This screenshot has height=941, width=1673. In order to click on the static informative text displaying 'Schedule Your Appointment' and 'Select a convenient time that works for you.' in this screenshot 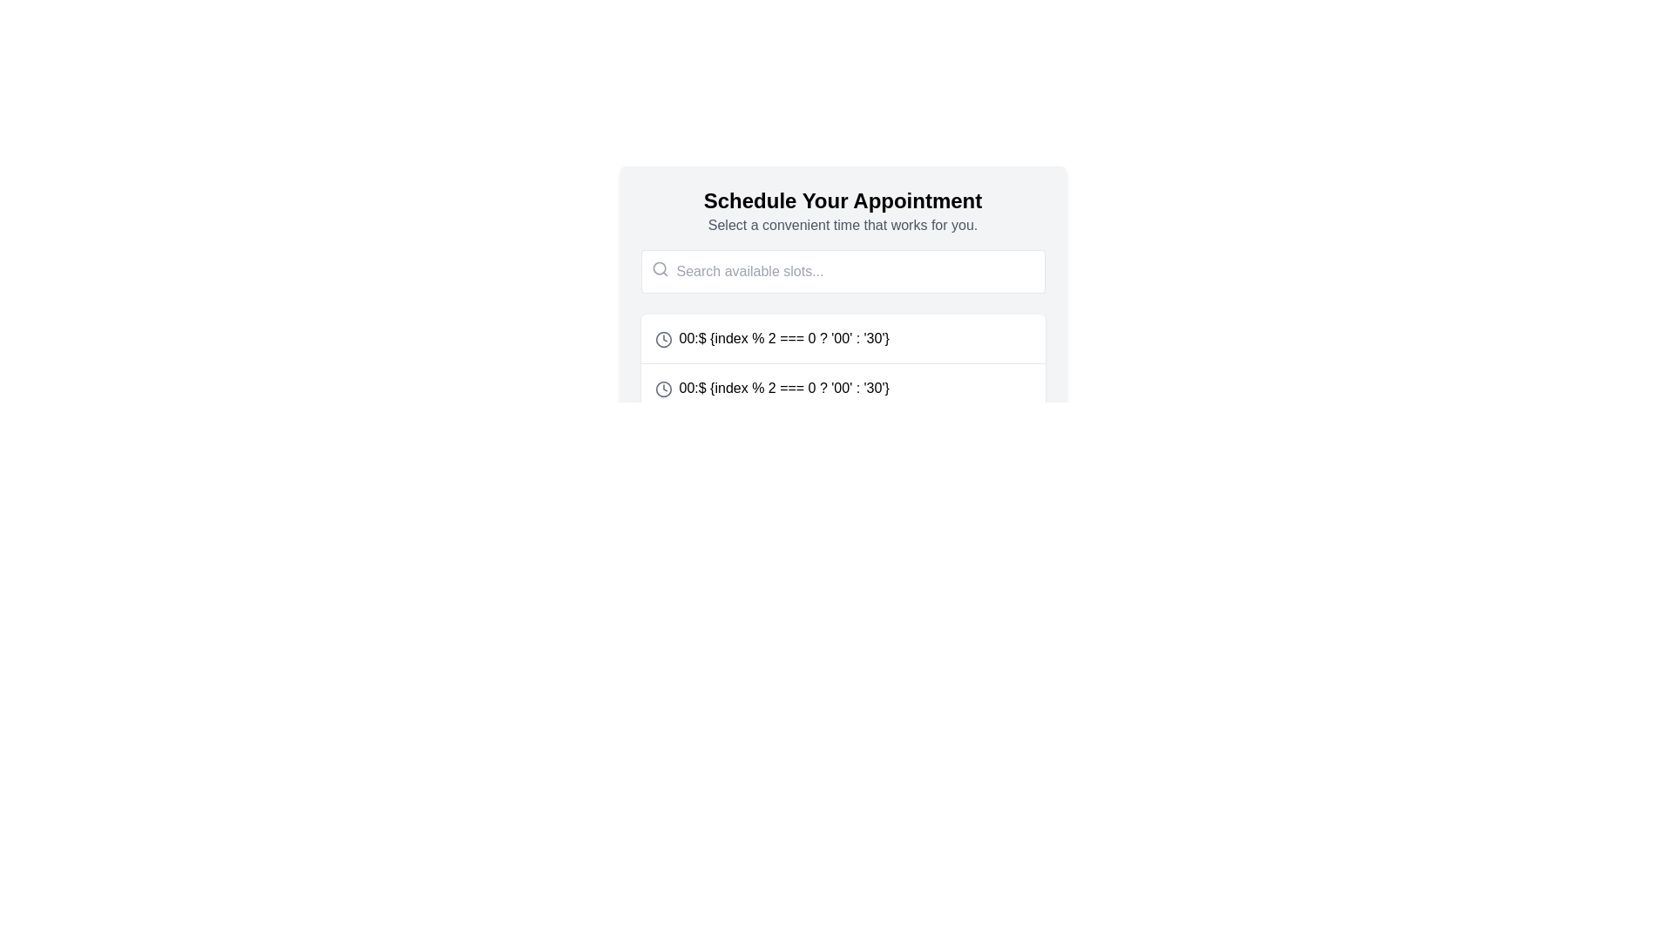, I will do `click(843, 211)`.